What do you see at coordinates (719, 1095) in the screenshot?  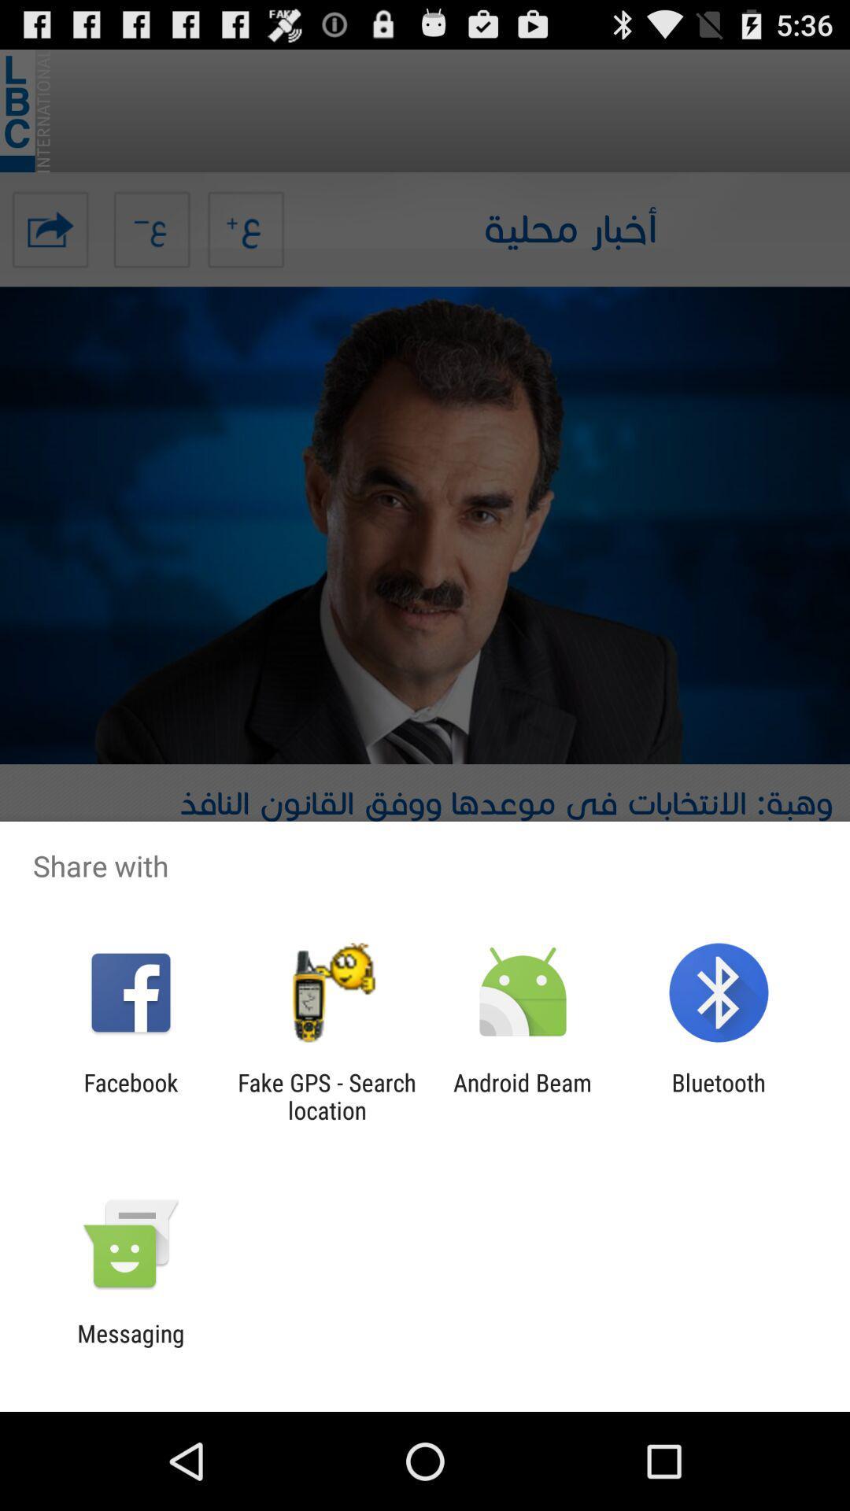 I see `bluetooth` at bounding box center [719, 1095].